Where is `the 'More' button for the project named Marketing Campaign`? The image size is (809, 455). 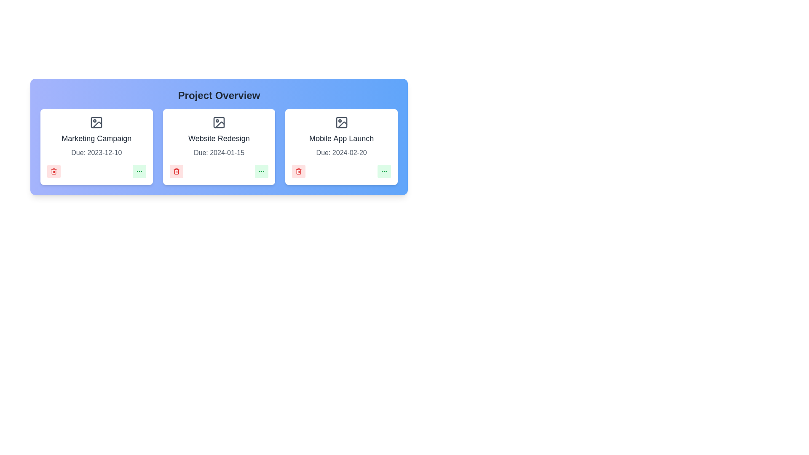 the 'More' button for the project named Marketing Campaign is located at coordinates (139, 171).